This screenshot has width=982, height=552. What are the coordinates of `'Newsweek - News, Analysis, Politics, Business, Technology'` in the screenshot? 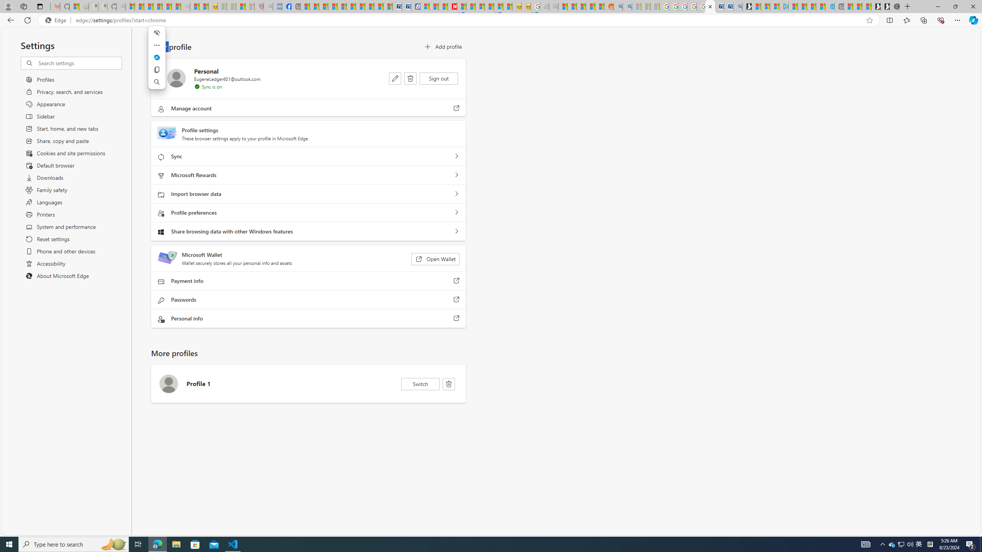 It's located at (452, 6).